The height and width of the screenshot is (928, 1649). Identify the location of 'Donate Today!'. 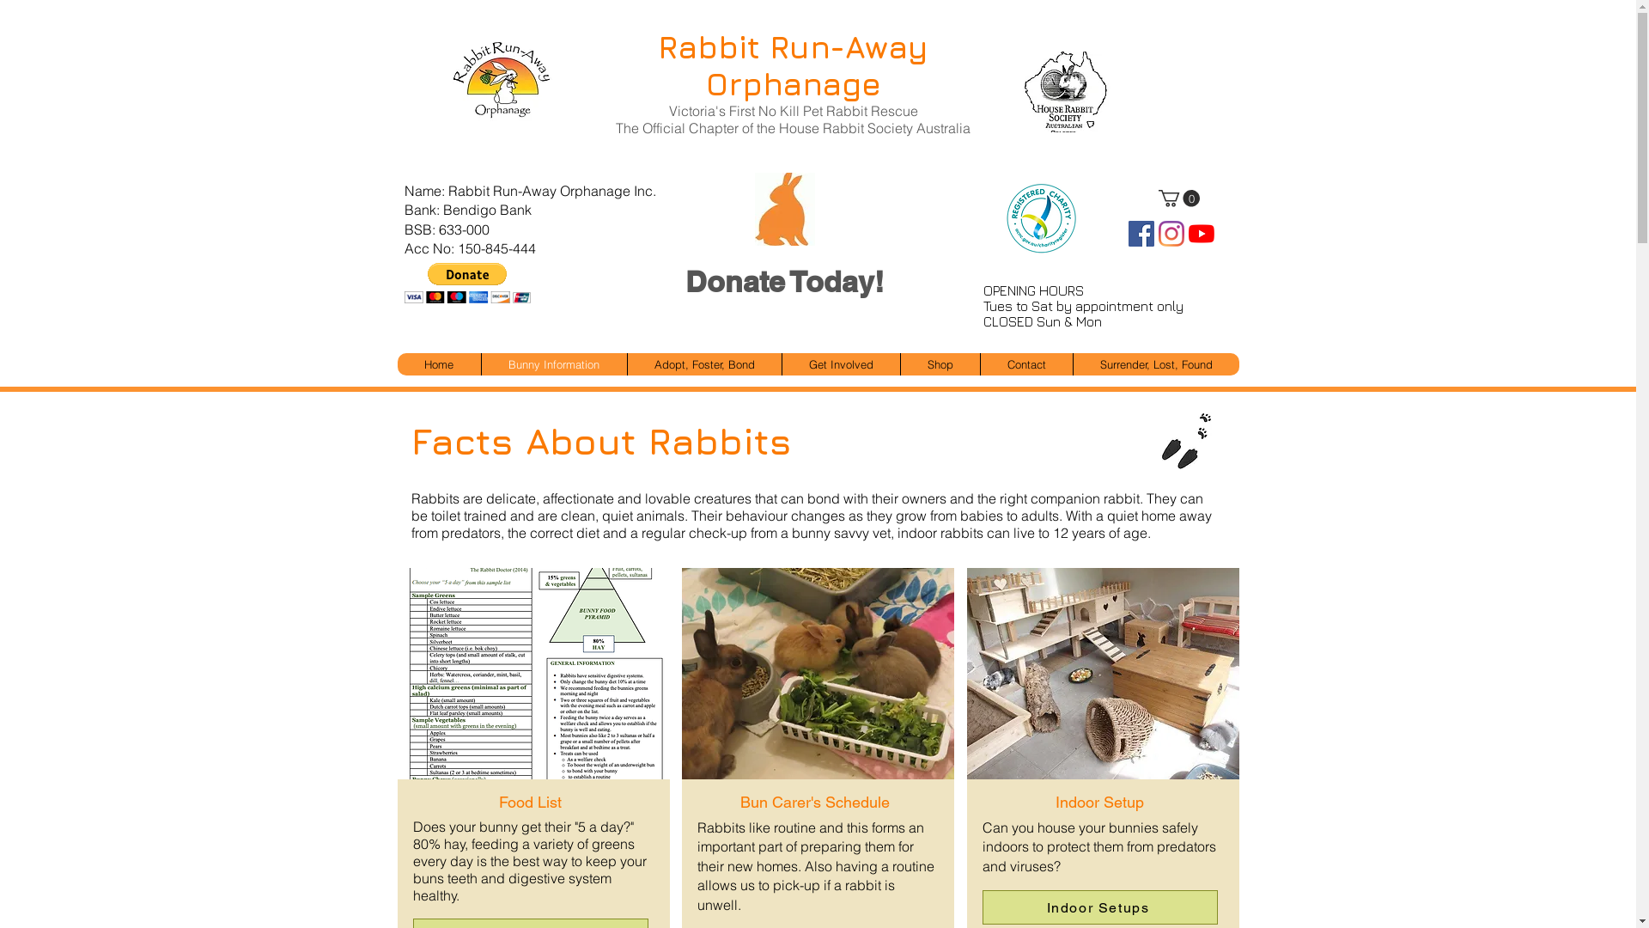
(782, 281).